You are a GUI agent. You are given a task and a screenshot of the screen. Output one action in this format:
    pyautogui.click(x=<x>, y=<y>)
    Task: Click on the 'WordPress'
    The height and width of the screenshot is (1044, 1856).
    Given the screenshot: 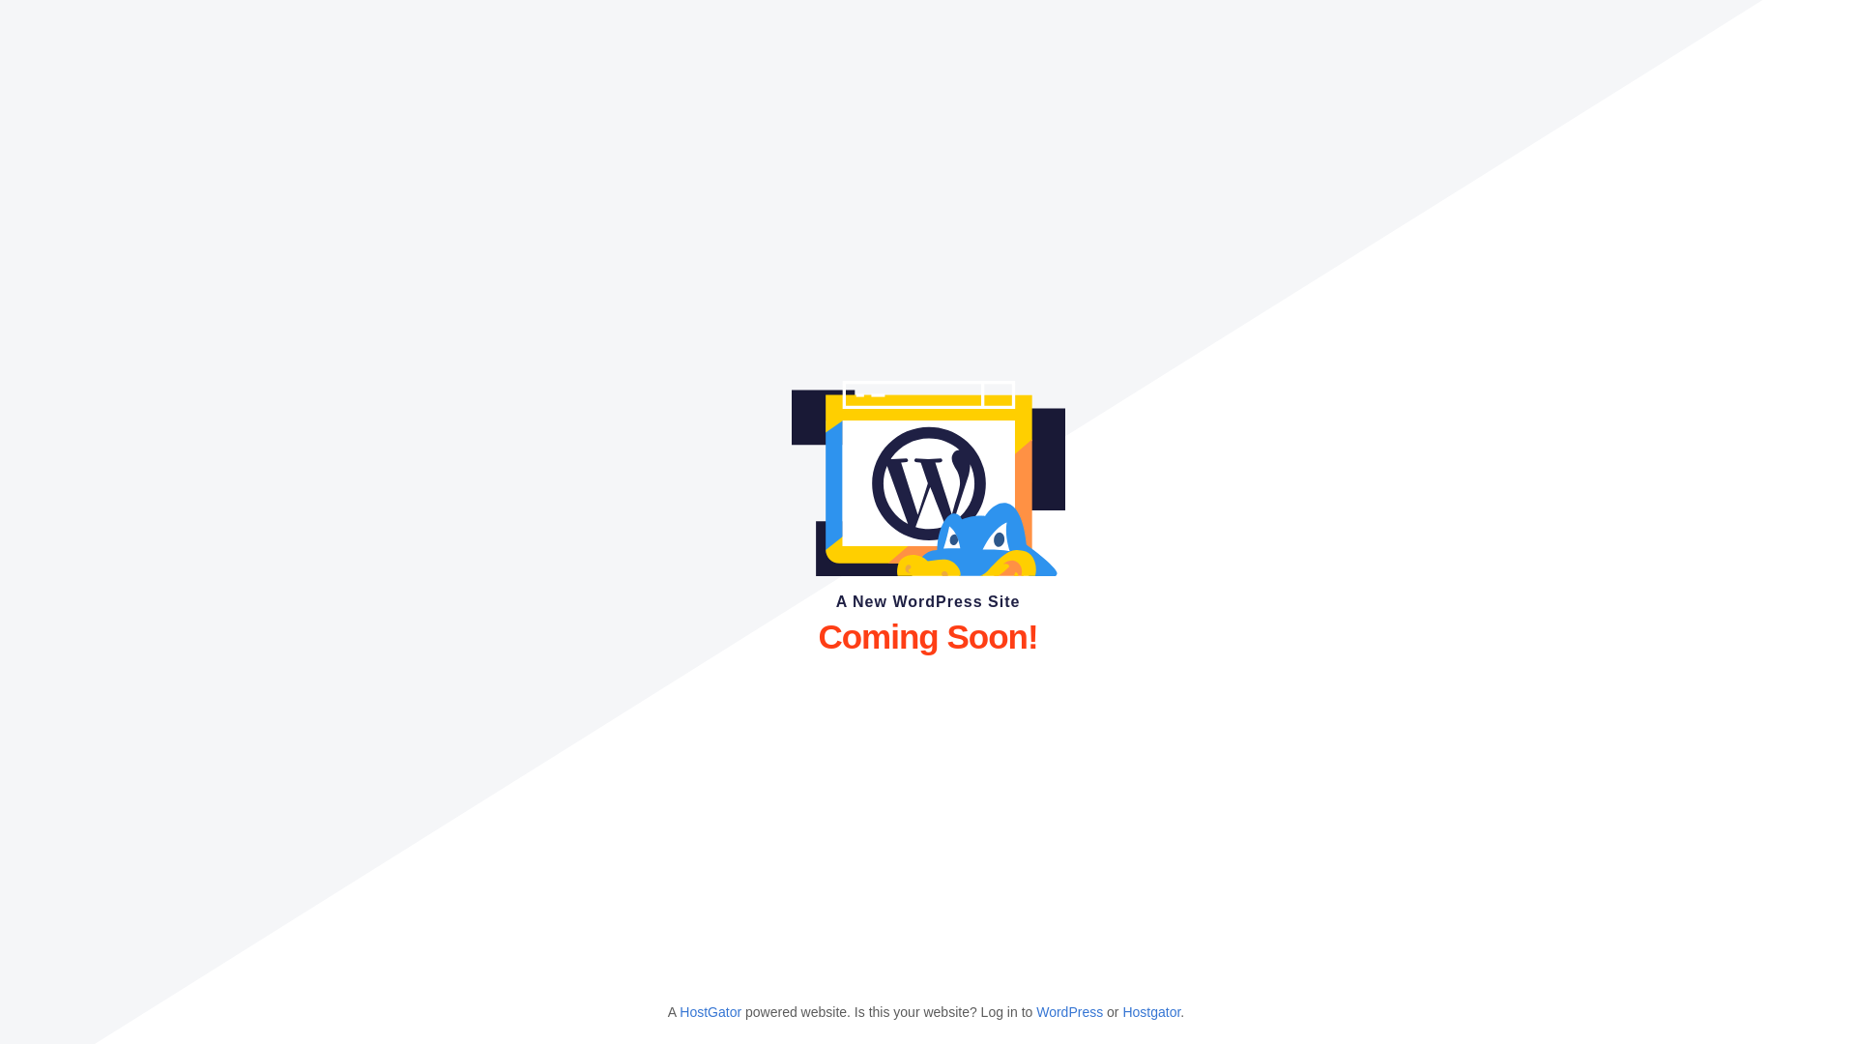 What is the action you would take?
    pyautogui.click(x=1068, y=1010)
    